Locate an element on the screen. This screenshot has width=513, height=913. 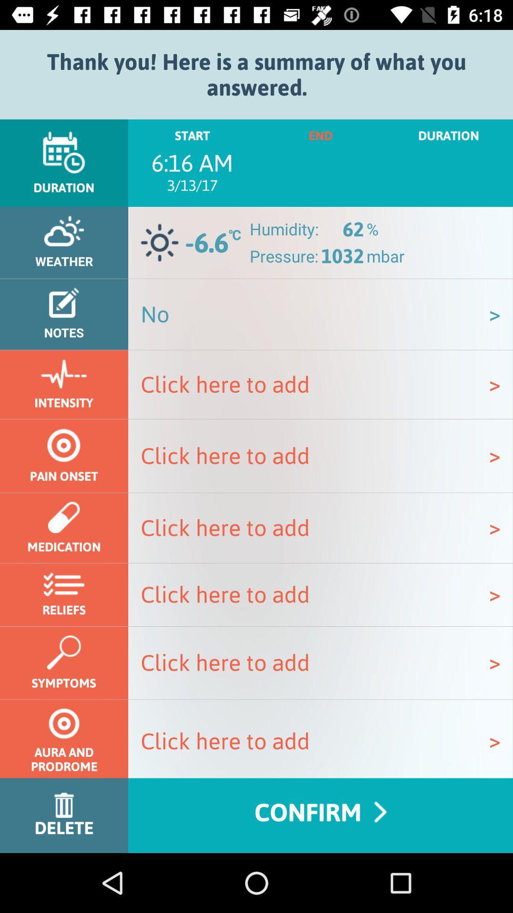
the option click here to add which is after symptoms option is located at coordinates (321, 662).